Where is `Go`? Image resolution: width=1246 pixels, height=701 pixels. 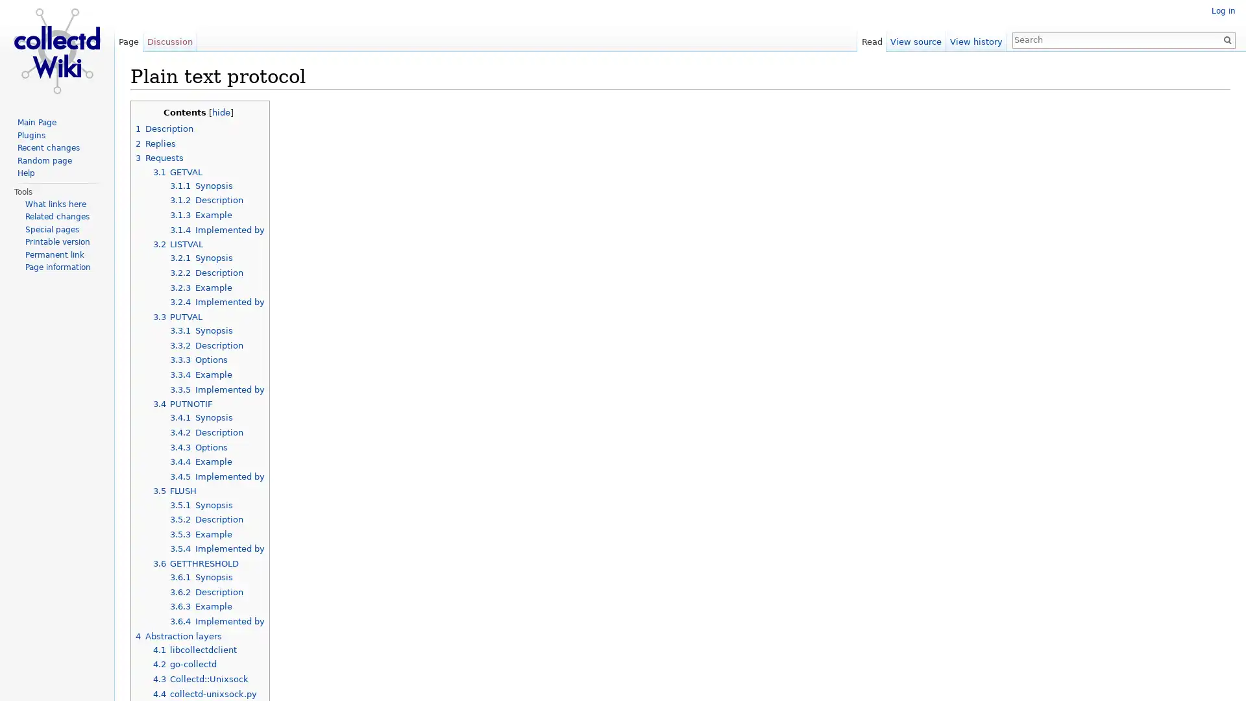 Go is located at coordinates (1227, 39).